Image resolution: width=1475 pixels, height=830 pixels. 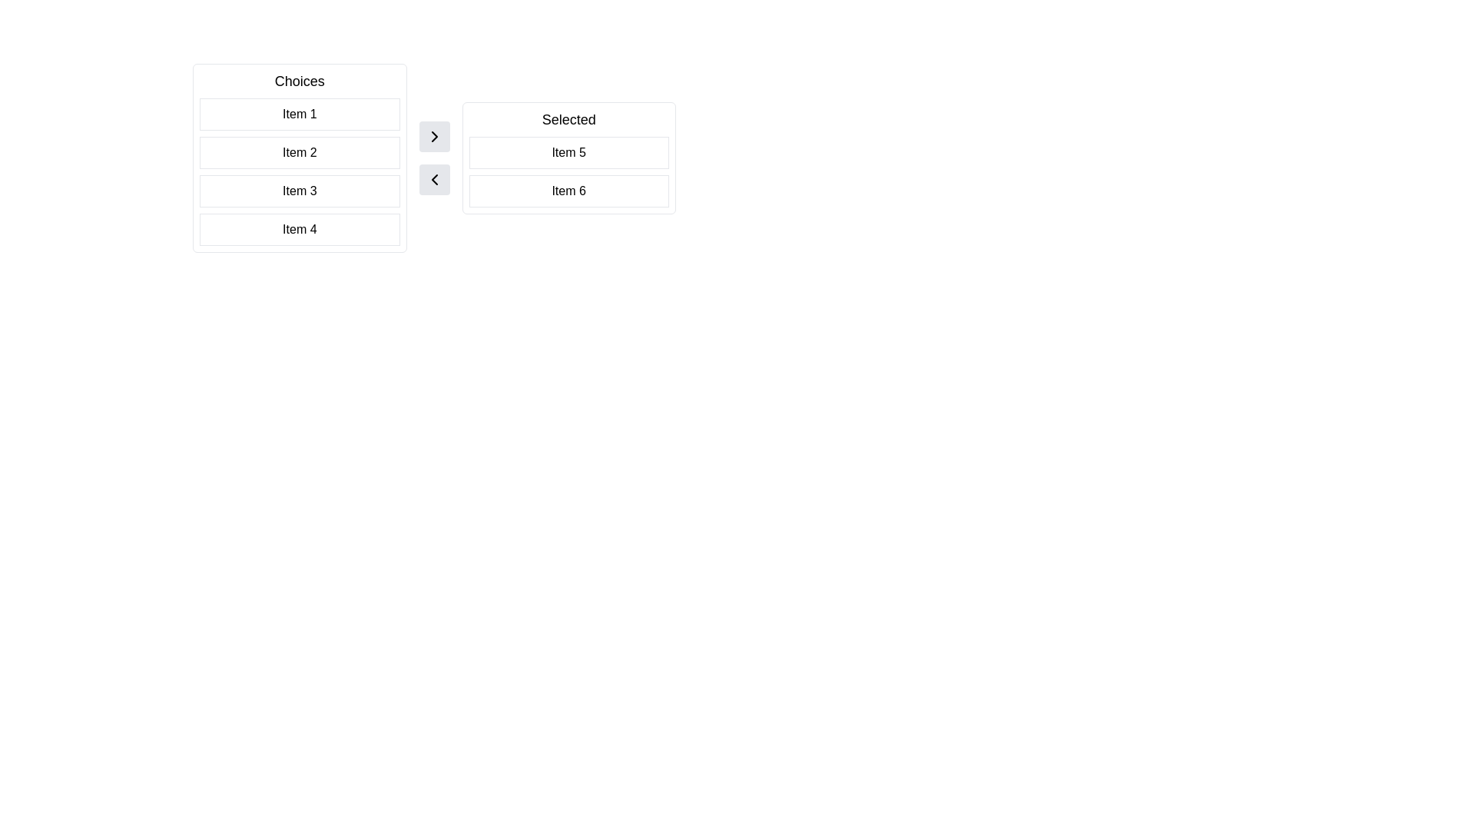 I want to click on the Chevron Right icon, which is a navigational control located between the 'Choices' and 'Selected' panels, so click(x=433, y=135).